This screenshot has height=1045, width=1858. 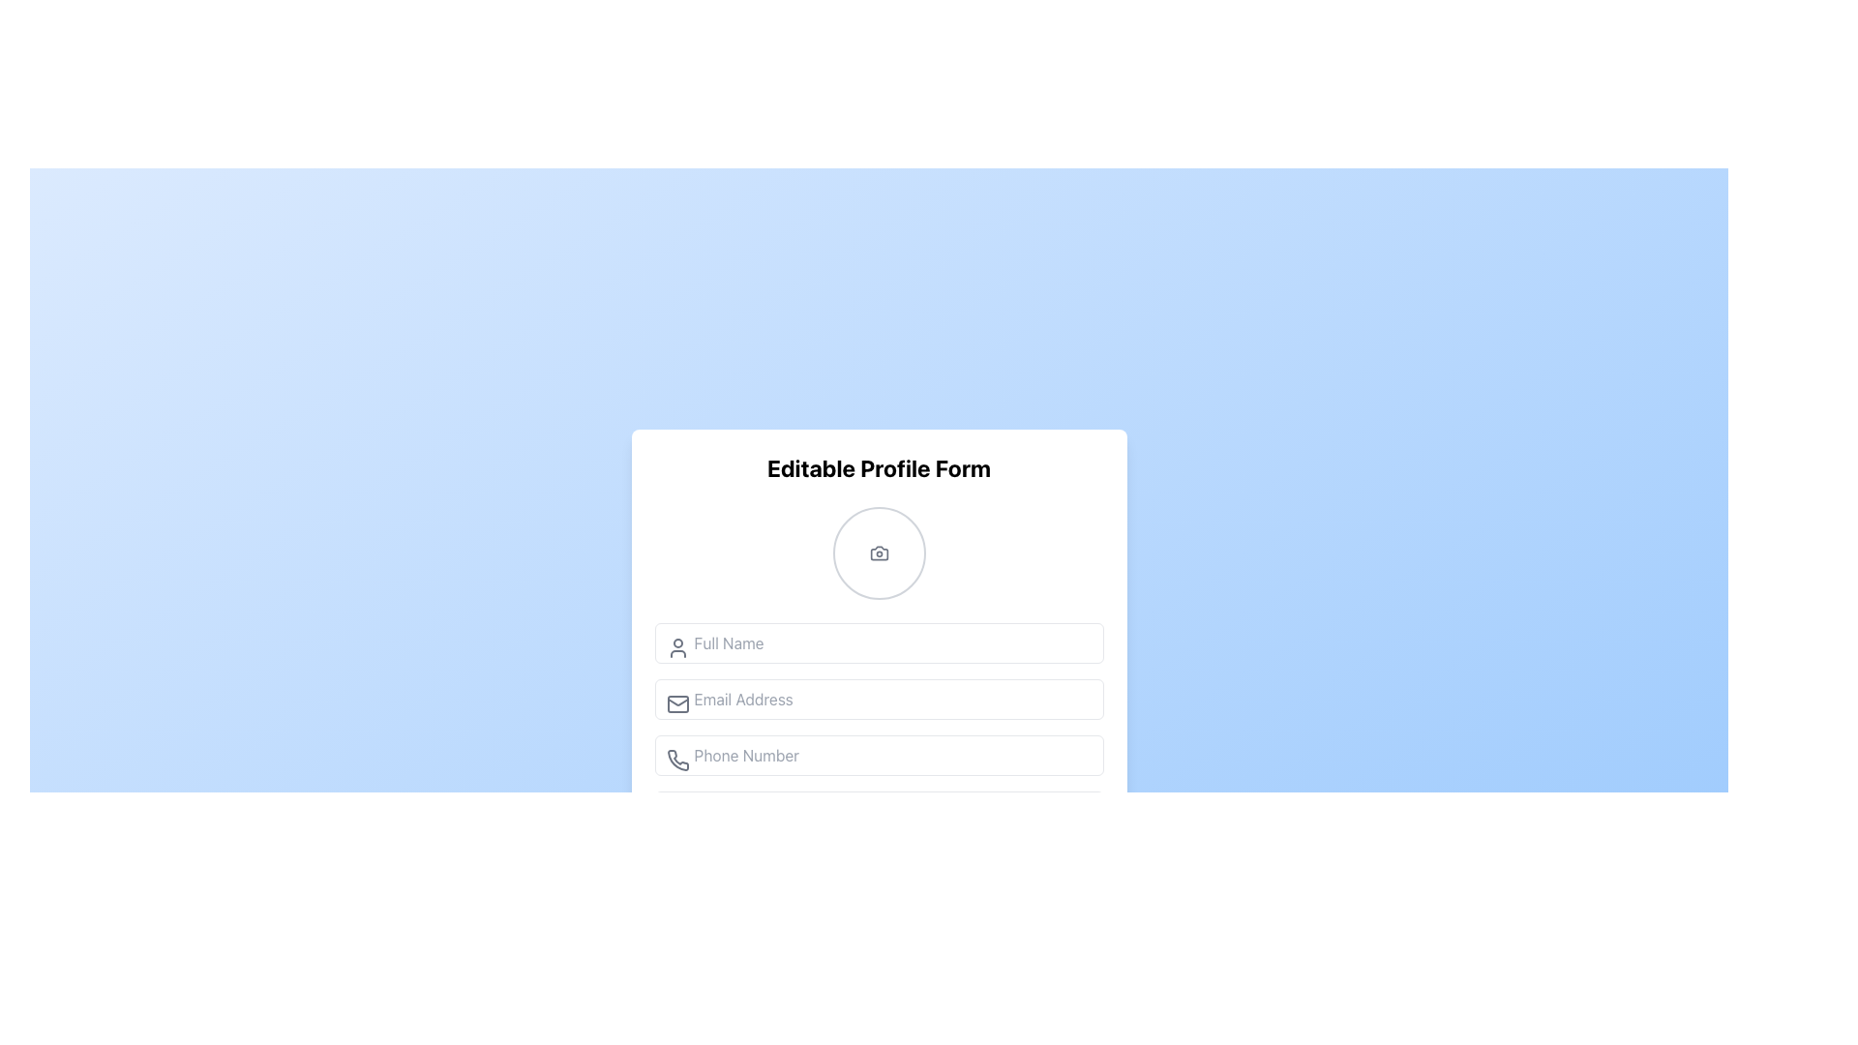 I want to click on the rectangular user input field labeled 'Email Address', so click(x=878, y=689).